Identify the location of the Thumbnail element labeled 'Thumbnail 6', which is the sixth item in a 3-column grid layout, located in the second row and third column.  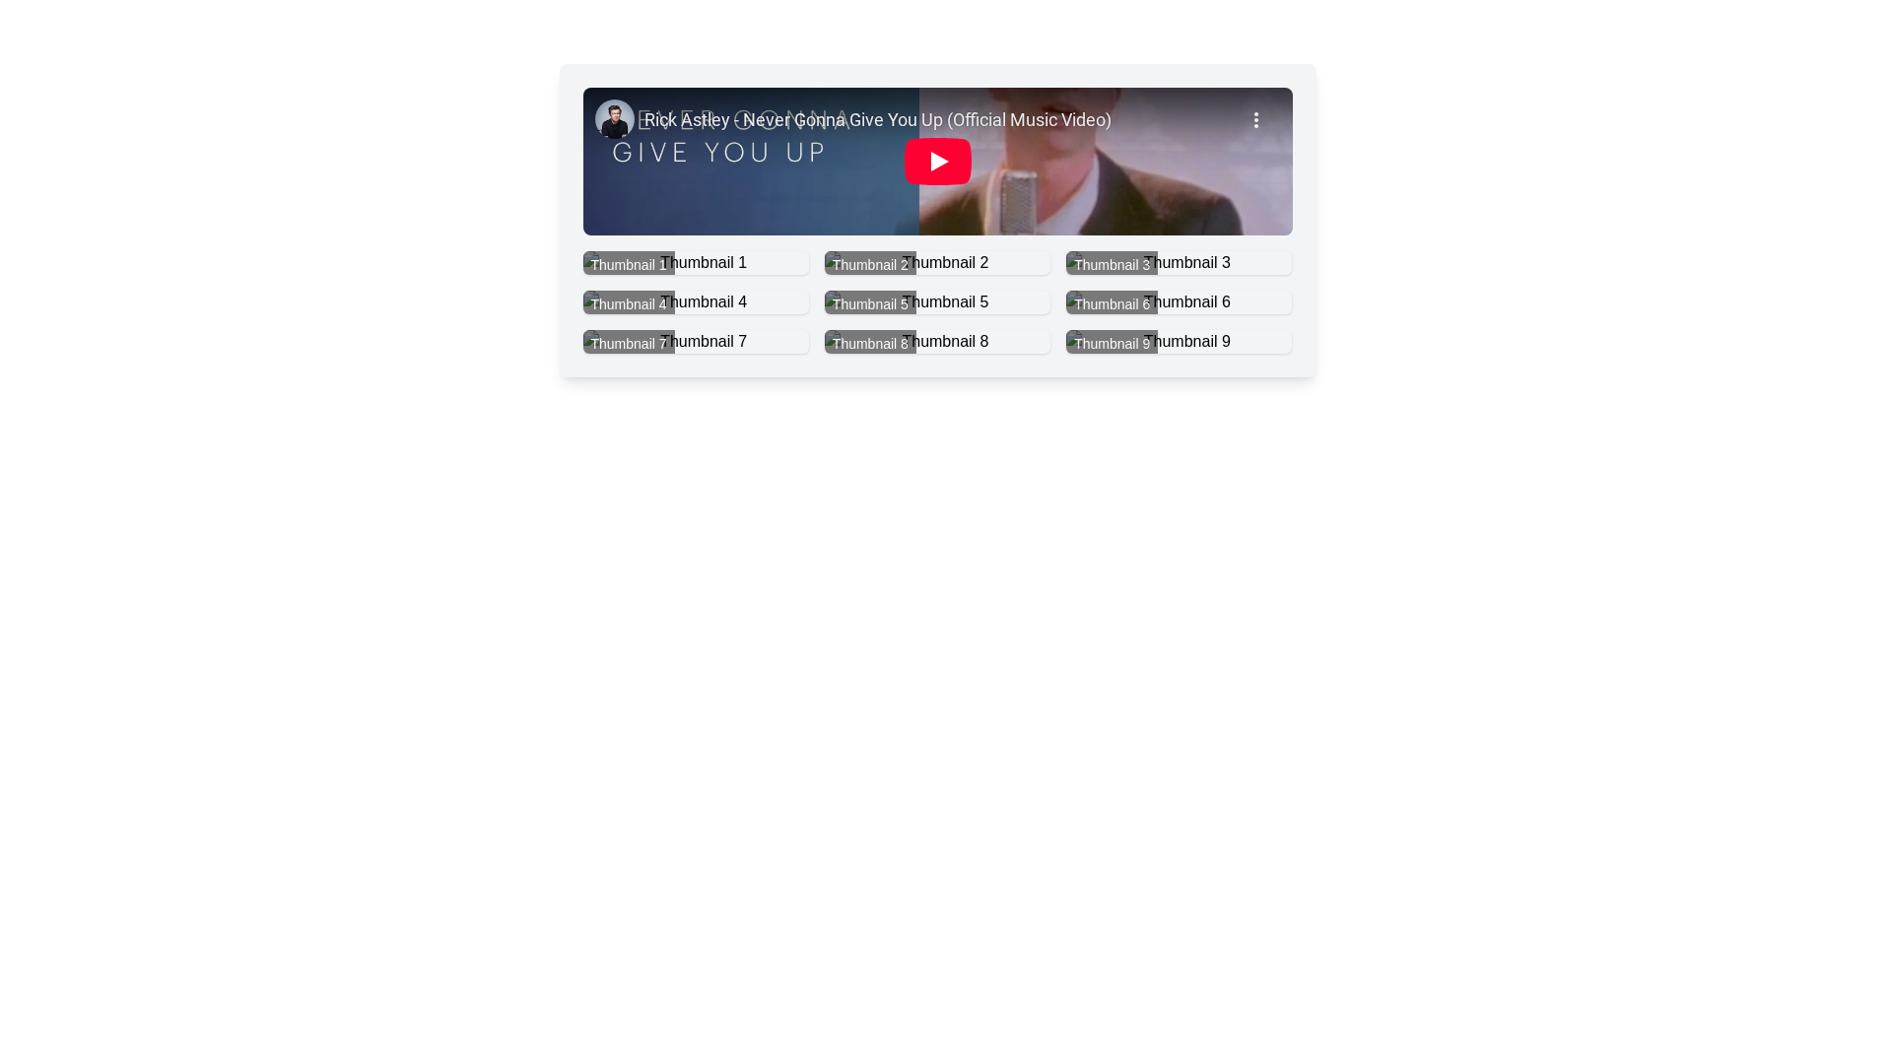
(1179, 302).